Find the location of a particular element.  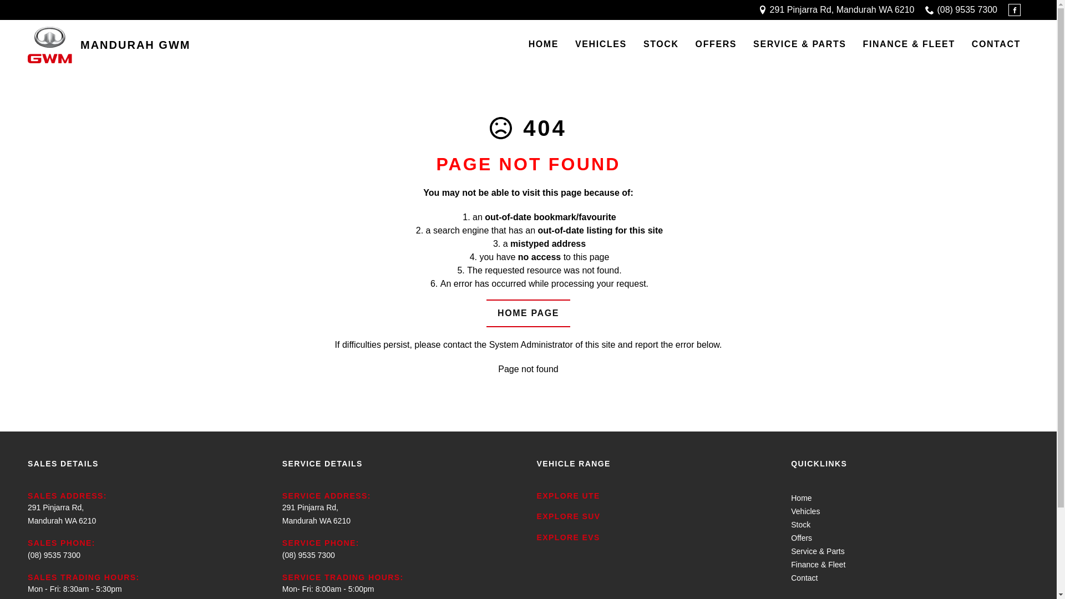

'CONTACT' is located at coordinates (996, 44).